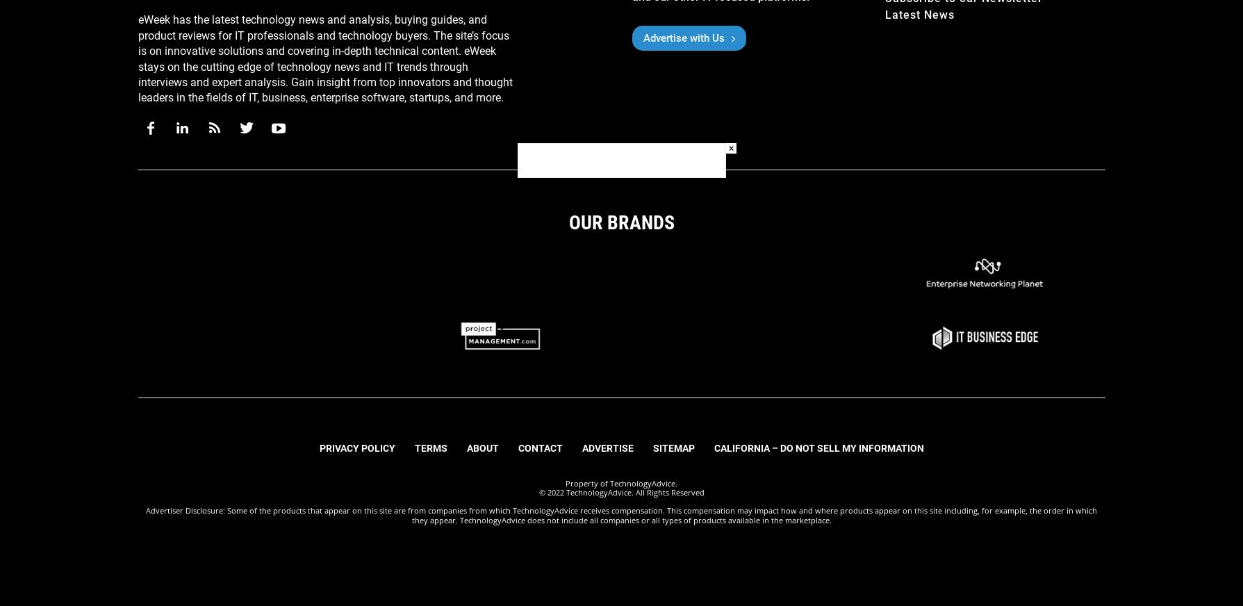  What do you see at coordinates (430, 447) in the screenshot?
I see `'Terms'` at bounding box center [430, 447].